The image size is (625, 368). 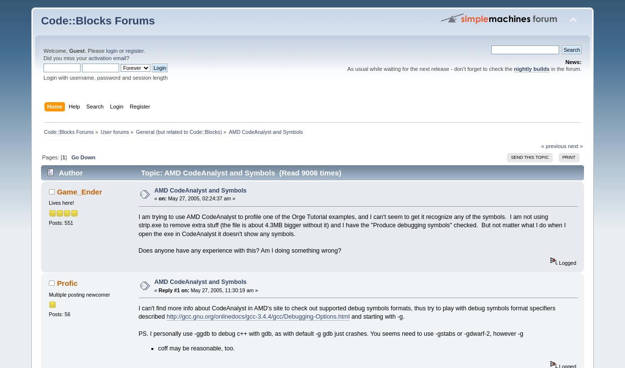 I want to click on 'I can't find more info about CodeAnalyst in AMD's site to check out supported debug symbols formats, thus try to play with debug symbols format specifiers described', so click(x=347, y=311).